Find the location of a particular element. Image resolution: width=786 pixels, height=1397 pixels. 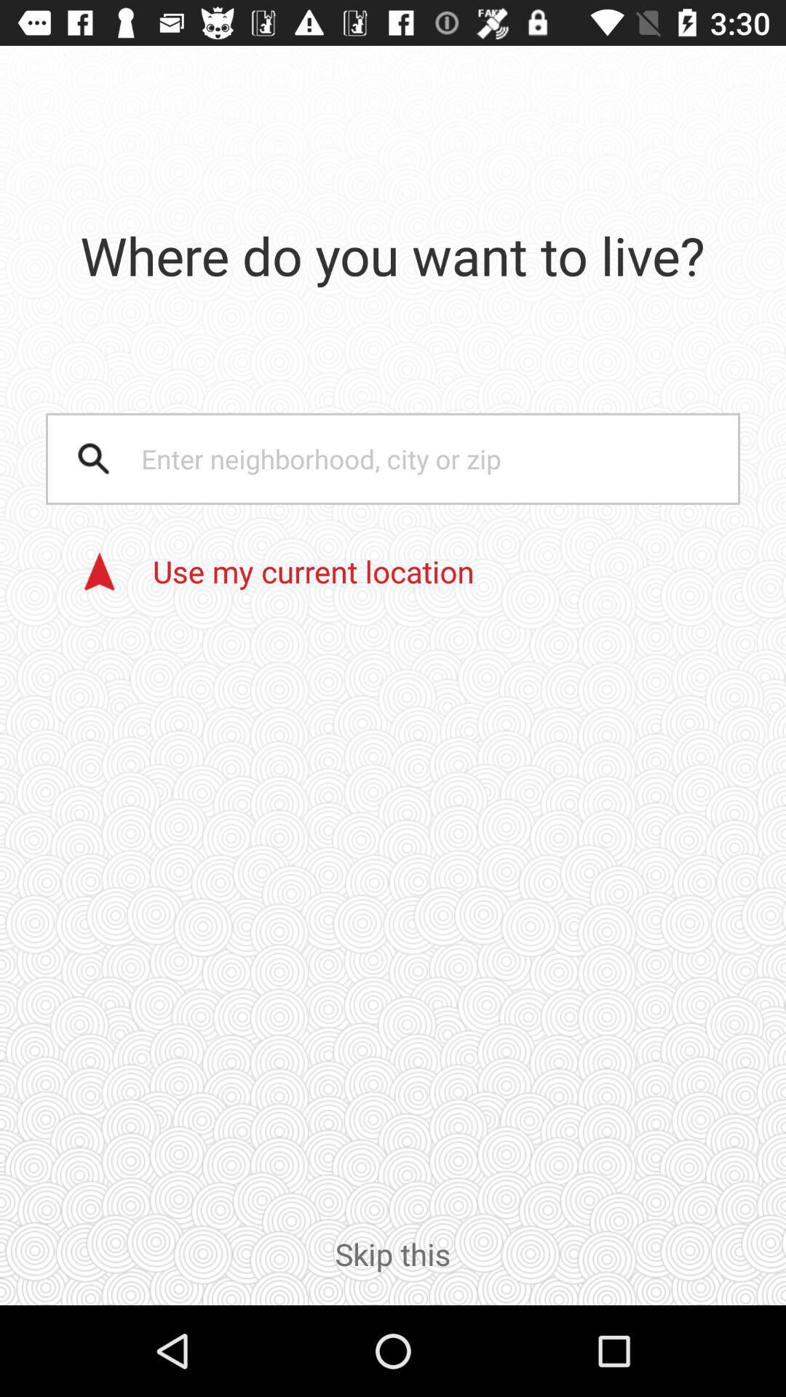

skip this is located at coordinates (393, 1268).